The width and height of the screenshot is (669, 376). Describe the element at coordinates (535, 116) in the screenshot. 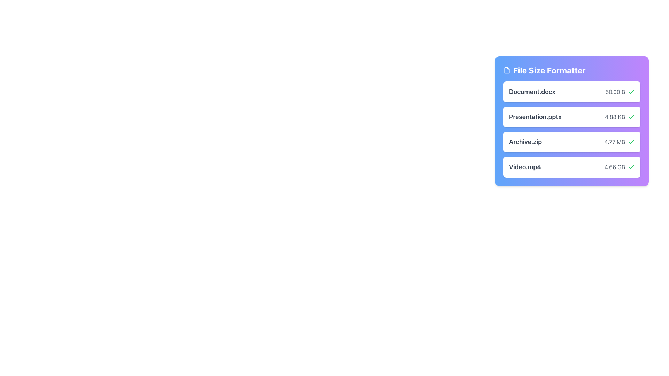

I see `text content of the label displaying the filename 'Presentation.pptx', which is styled in a large and bold font in dark gray, located in the second card of a vertically stacked list` at that location.